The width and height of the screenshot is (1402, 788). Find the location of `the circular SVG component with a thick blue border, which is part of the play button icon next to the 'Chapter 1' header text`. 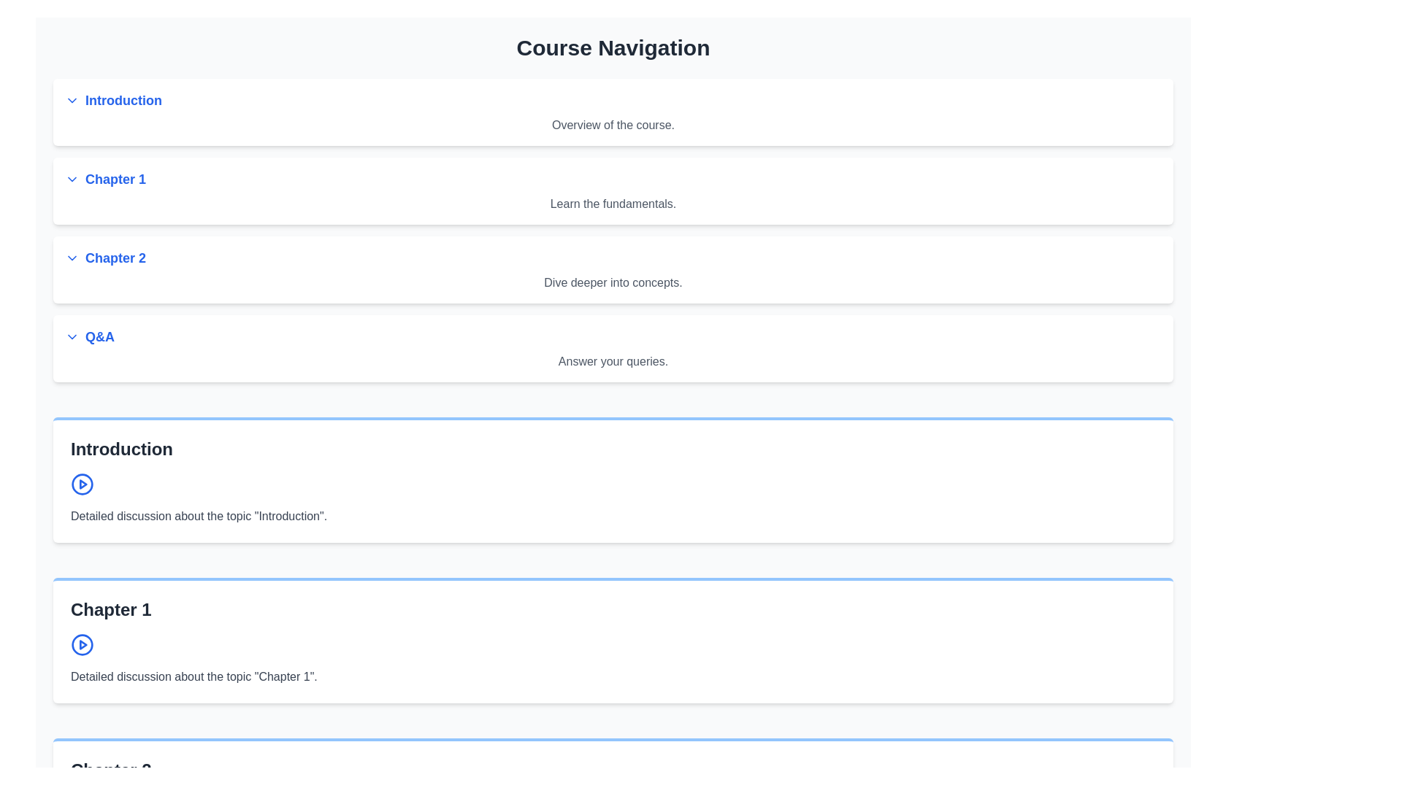

the circular SVG component with a thick blue border, which is part of the play button icon next to the 'Chapter 1' header text is located at coordinates (82, 644).